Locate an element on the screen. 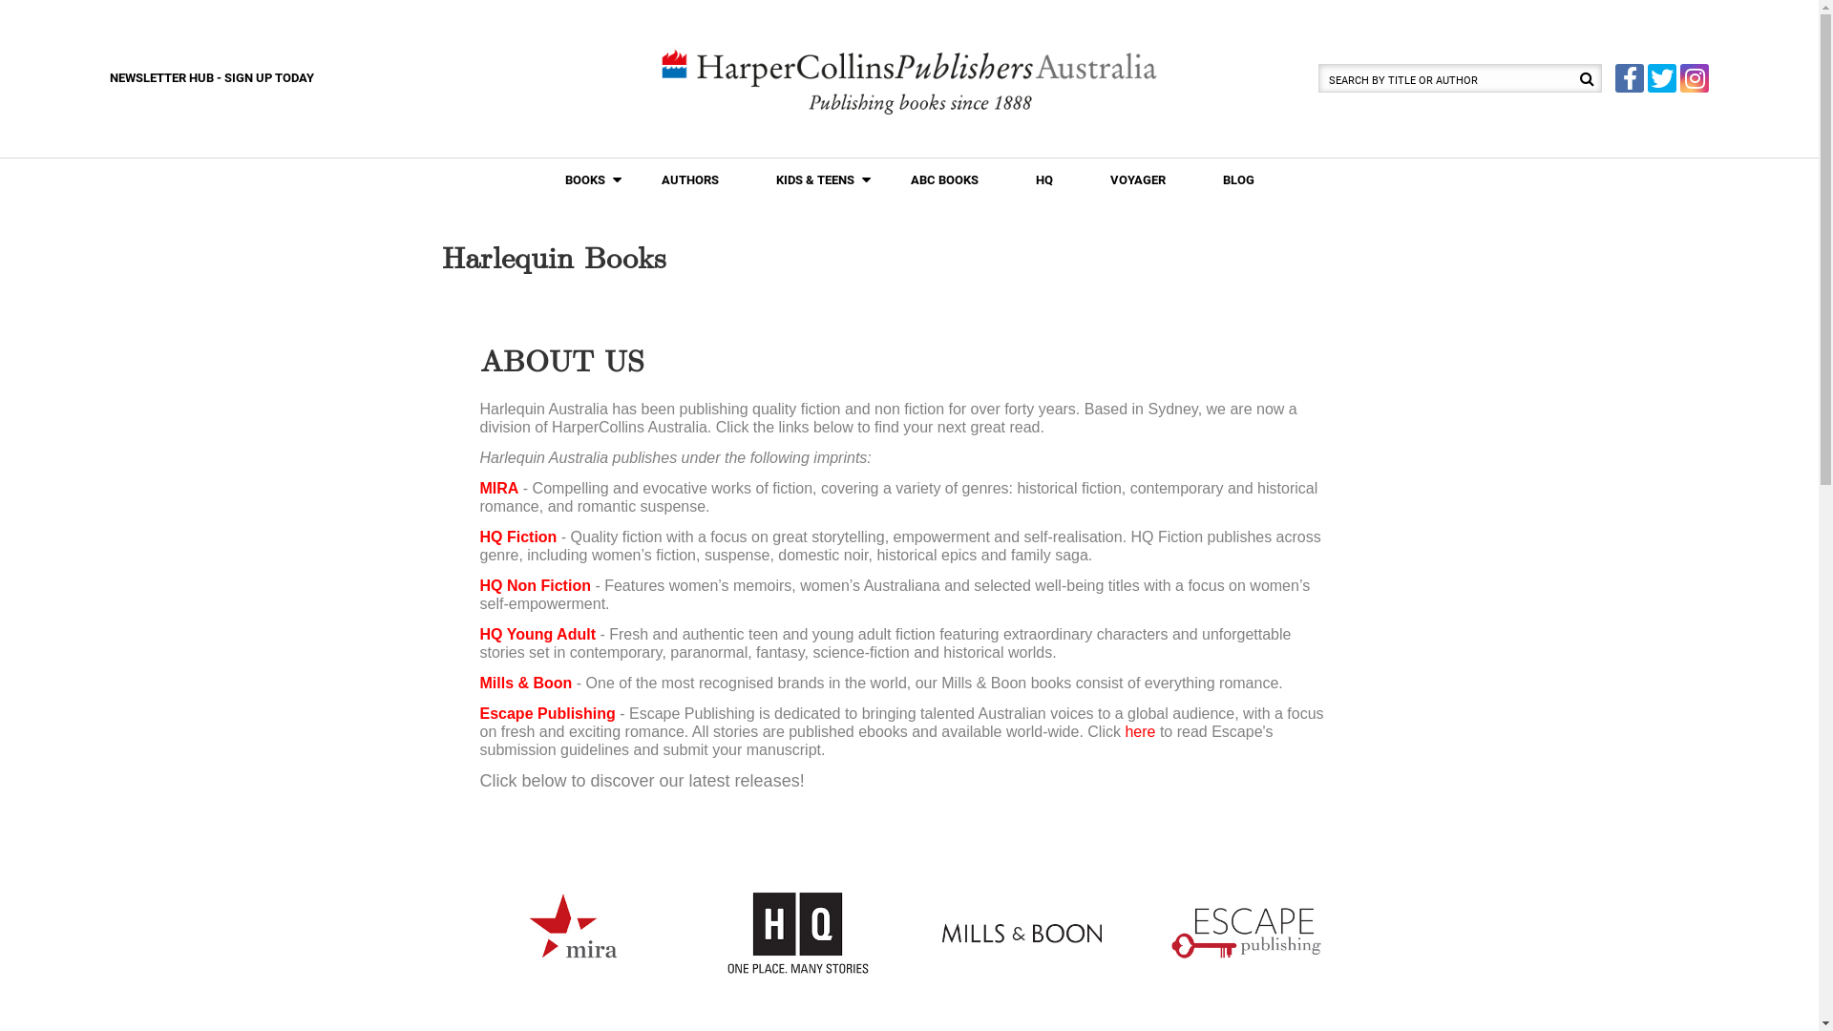 The image size is (1833, 1031). 'Facebook' is located at coordinates (1629, 76).